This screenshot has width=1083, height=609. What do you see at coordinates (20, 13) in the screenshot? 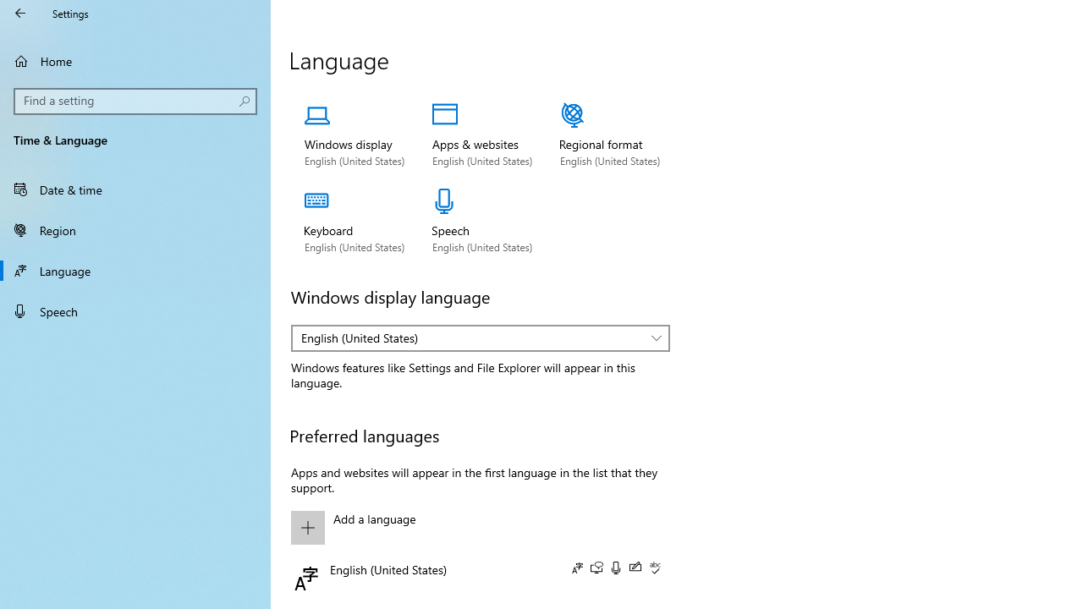
I see `'Back'` at bounding box center [20, 13].